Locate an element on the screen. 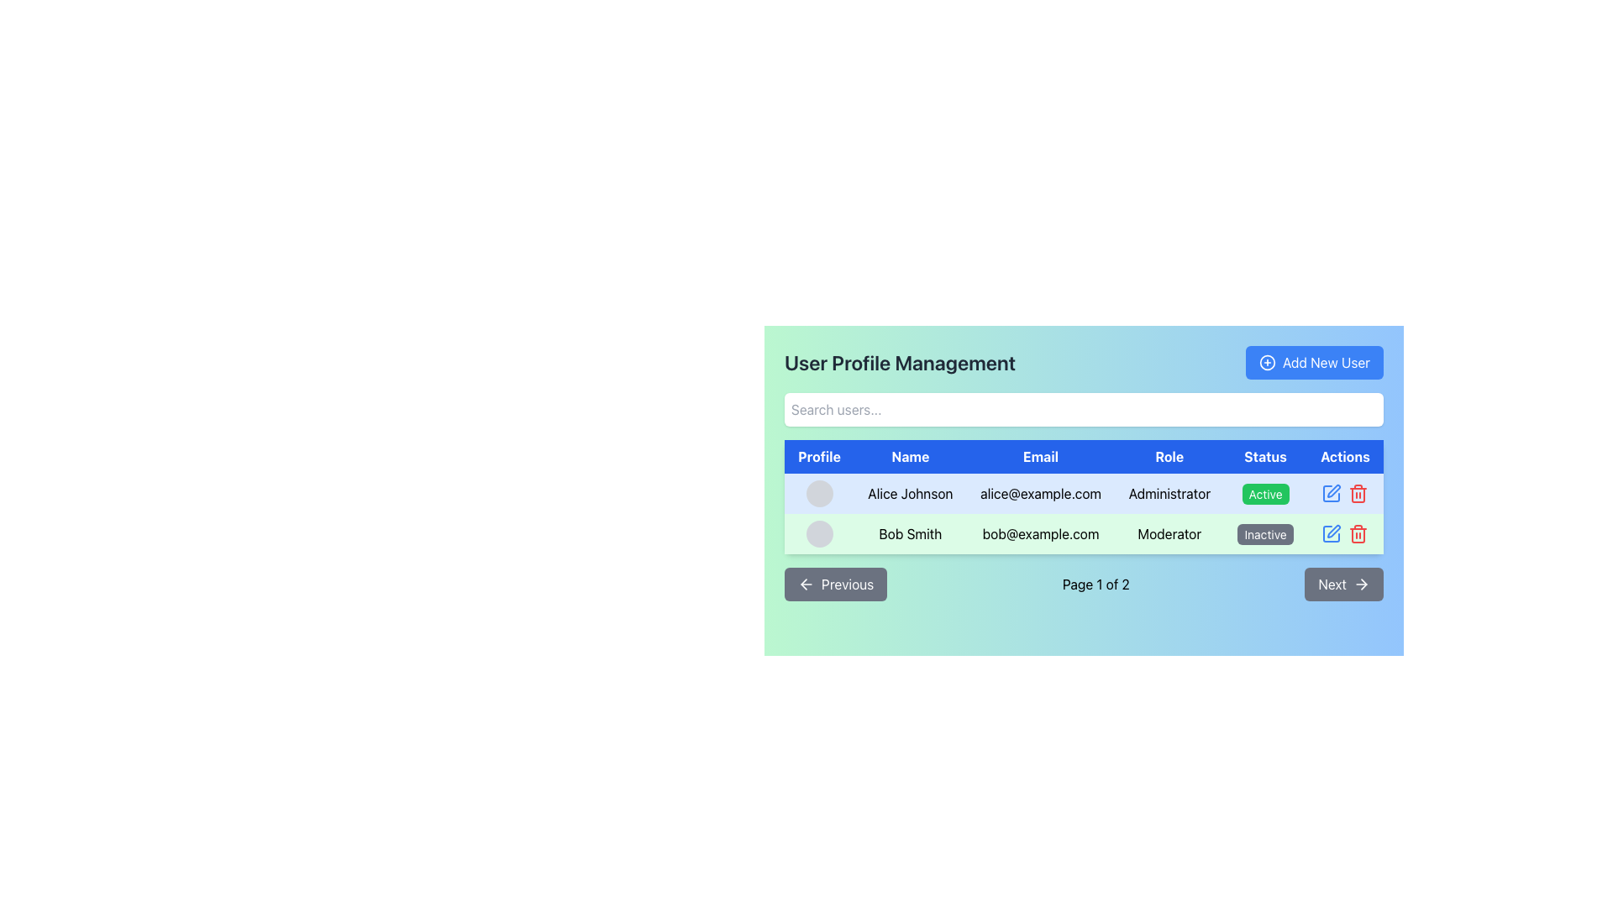 This screenshot has height=907, width=1613. text from the 'User Profile Management' label located at the upper section of the interface, prominently placed above the search input field is located at coordinates (899, 362).